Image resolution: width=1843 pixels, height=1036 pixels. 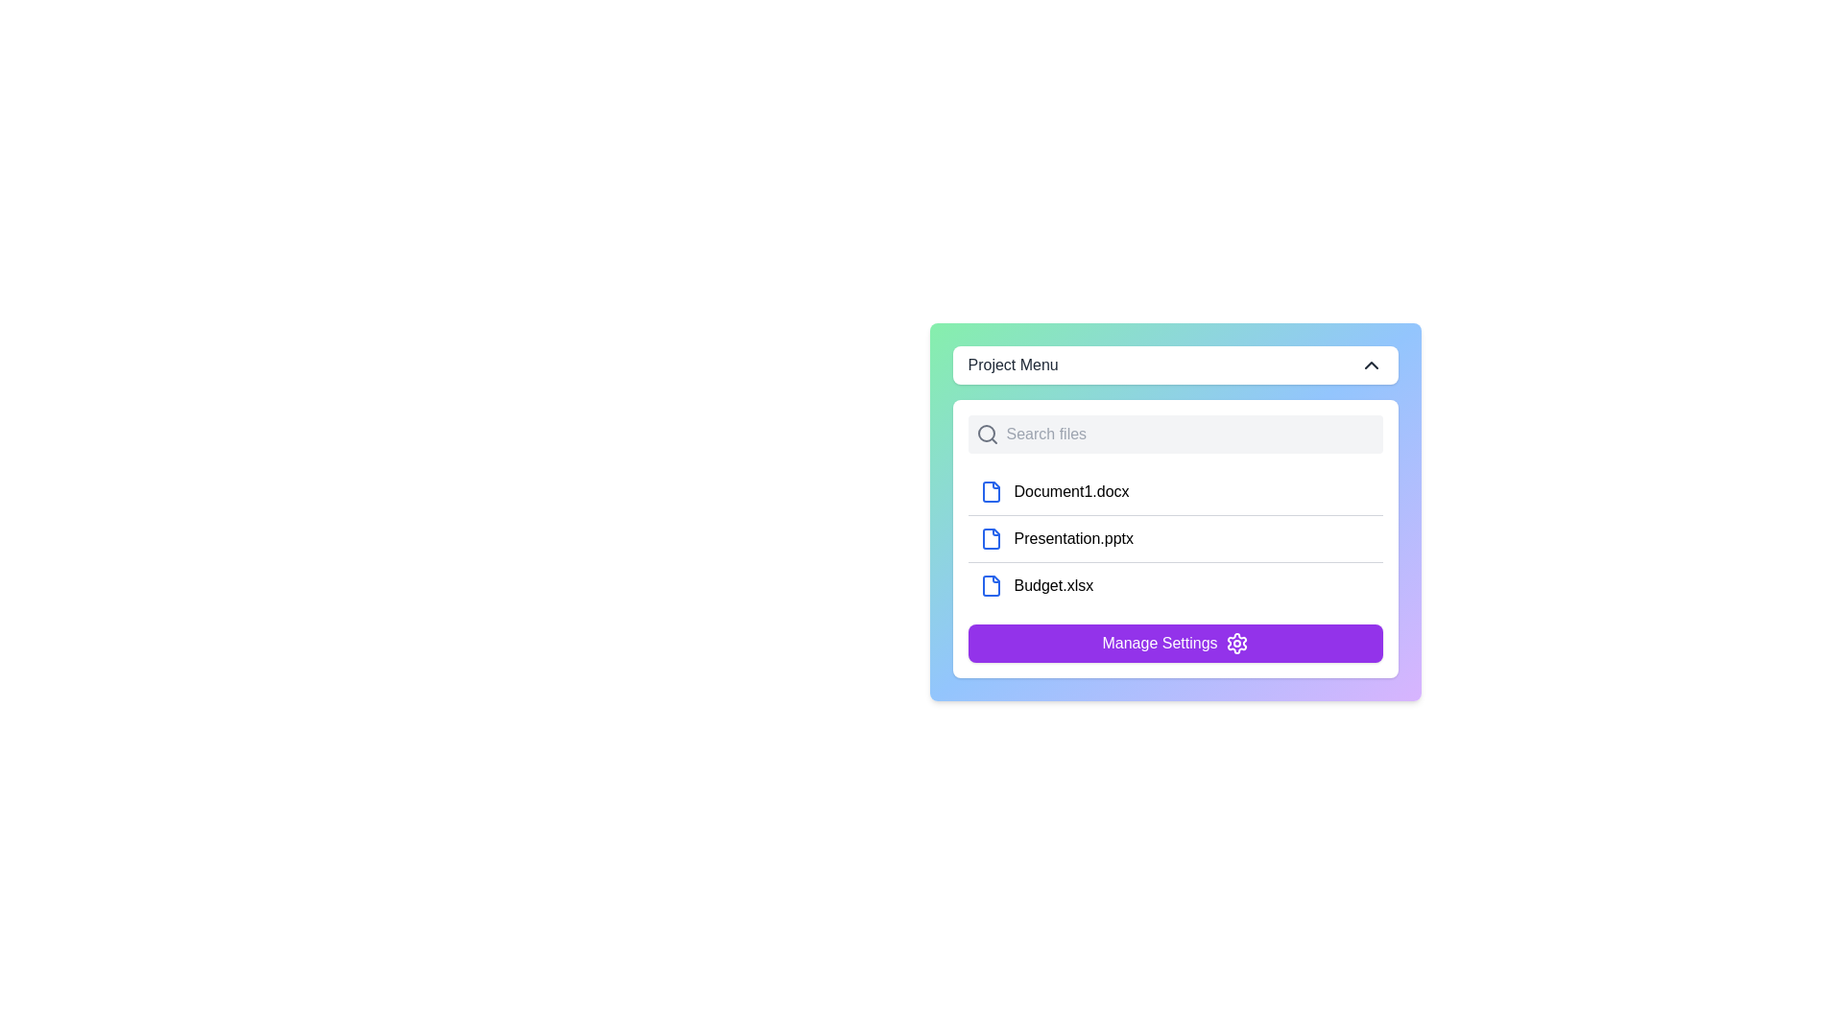 What do you see at coordinates (1174, 539) in the screenshot?
I see `the file entry for 'Presentation.pptx'` at bounding box center [1174, 539].